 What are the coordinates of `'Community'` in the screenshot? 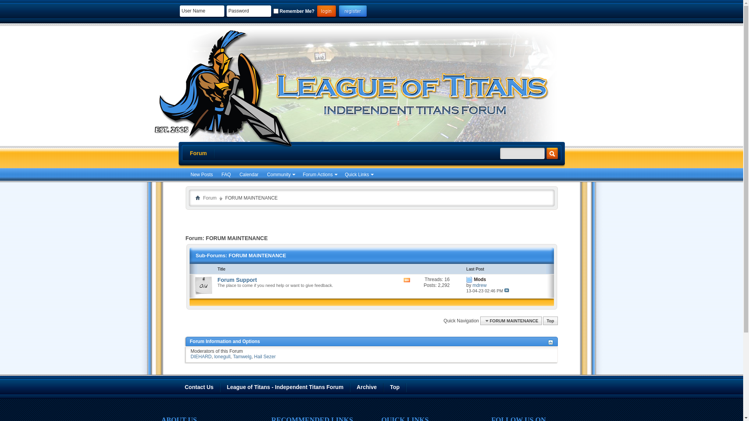 It's located at (264, 174).